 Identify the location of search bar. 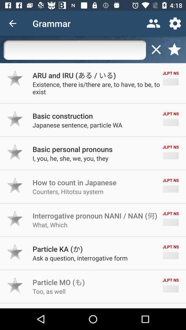
(74, 49).